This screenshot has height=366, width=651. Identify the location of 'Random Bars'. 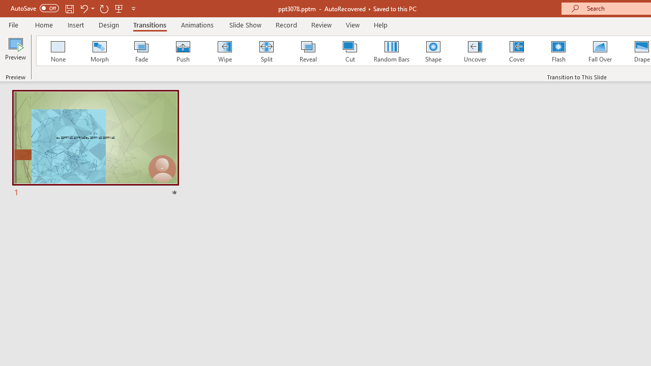
(391, 51).